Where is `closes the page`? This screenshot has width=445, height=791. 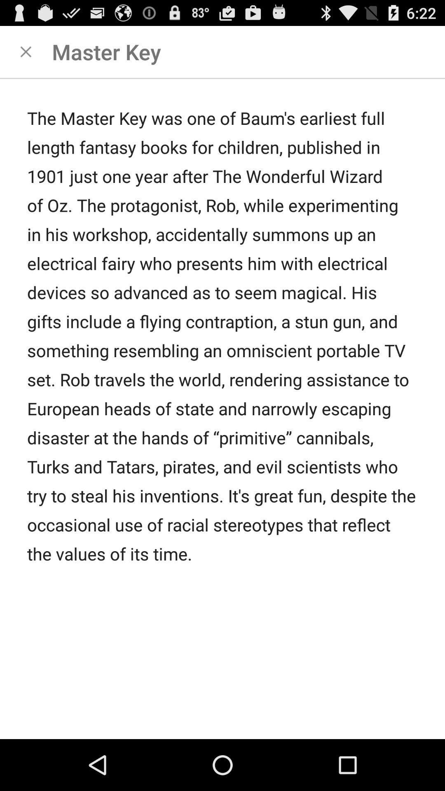
closes the page is located at coordinates (25, 51).